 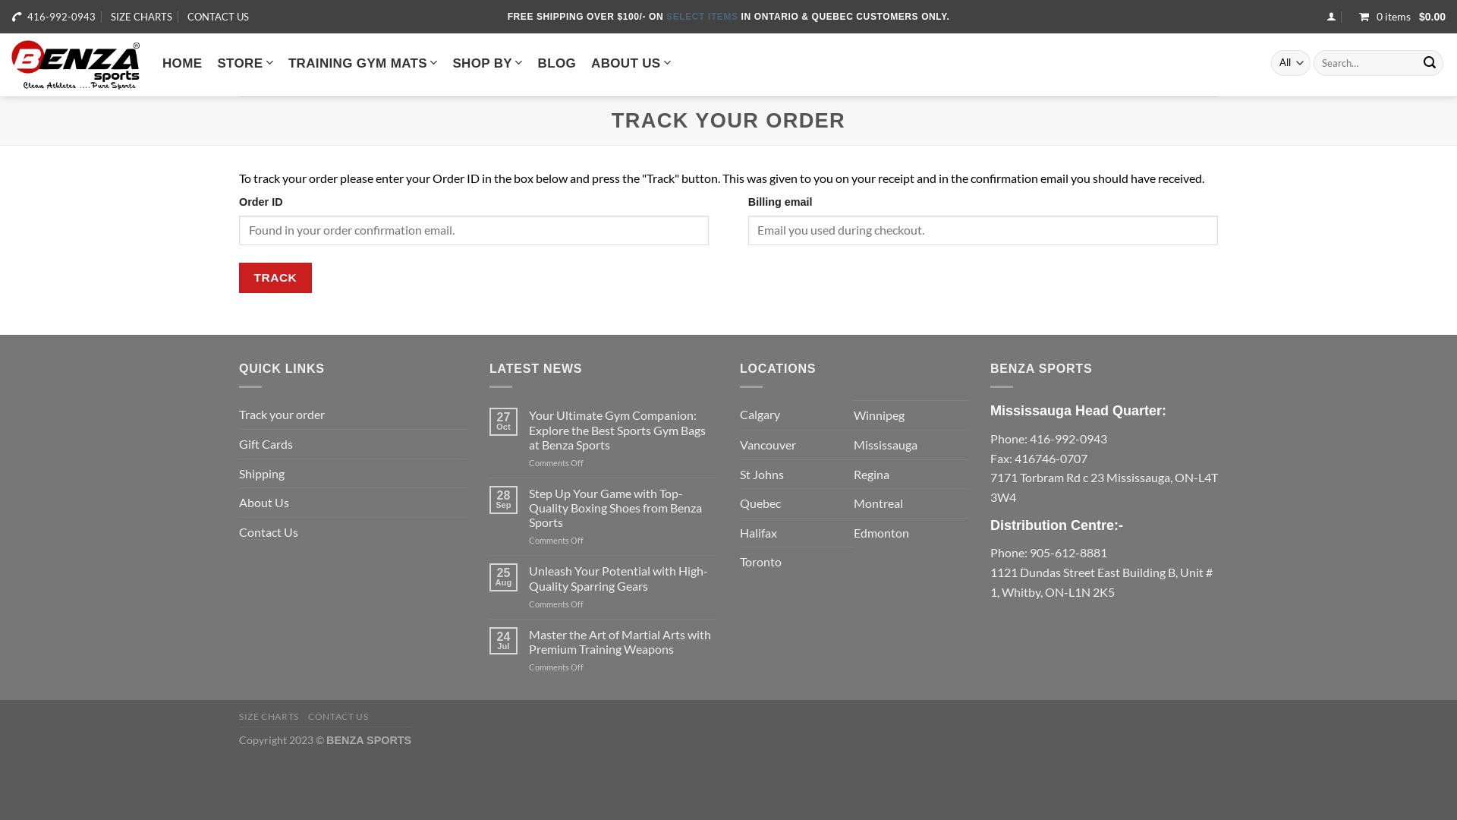 I want to click on 'Master the Art of Martial Arts with Premium Training Weapons', so click(x=528, y=641).